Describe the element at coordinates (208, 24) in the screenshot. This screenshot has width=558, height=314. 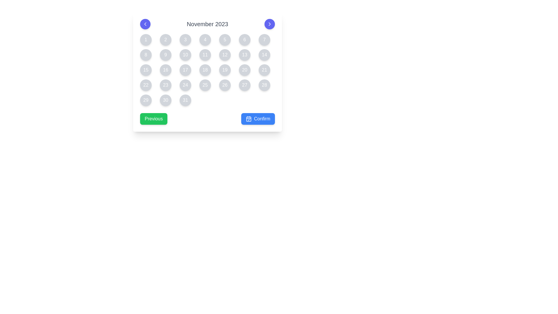
I see `the label displaying the current month and year in the calendar interface, located at the top center between two navigation arrow buttons` at that location.